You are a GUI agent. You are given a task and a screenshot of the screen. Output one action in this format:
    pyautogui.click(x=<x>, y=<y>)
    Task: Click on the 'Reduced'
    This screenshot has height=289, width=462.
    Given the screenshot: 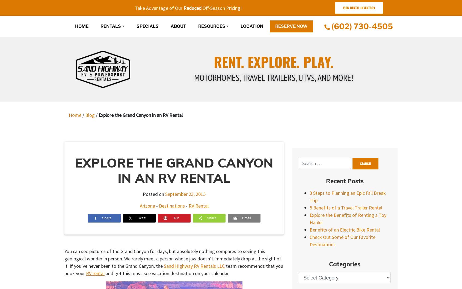 What is the action you would take?
    pyautogui.click(x=192, y=8)
    